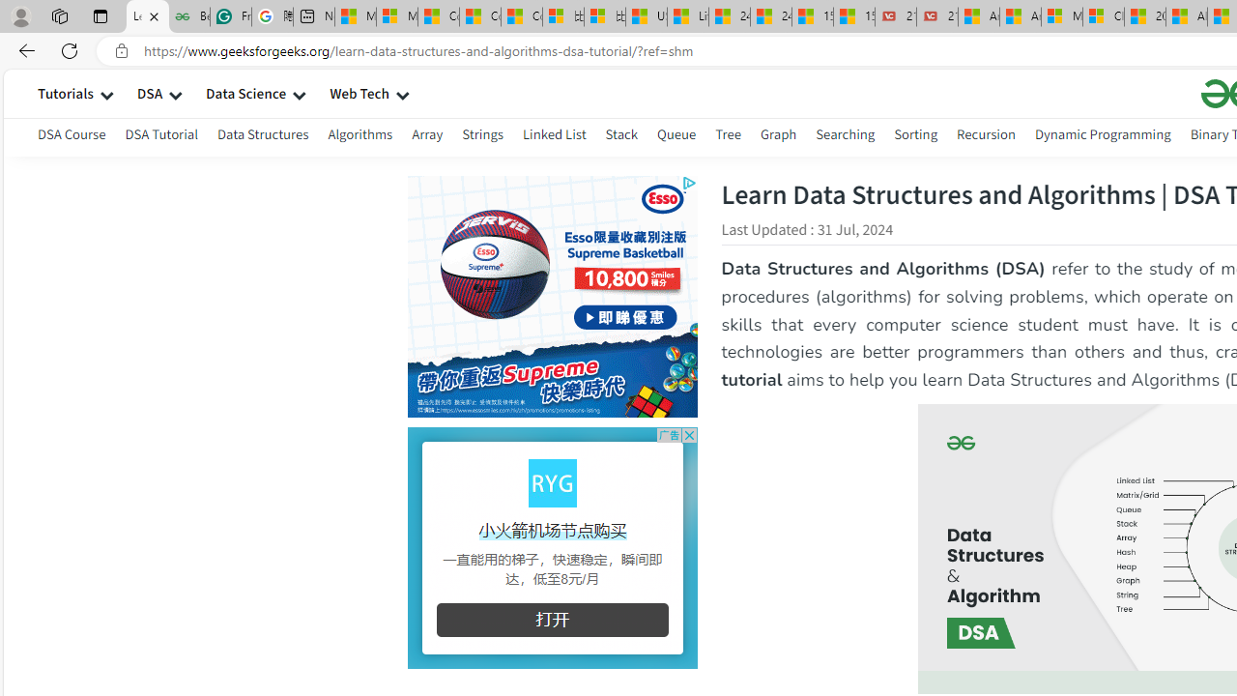 The width and height of the screenshot is (1237, 696). What do you see at coordinates (360, 136) in the screenshot?
I see `'Algorithms'` at bounding box center [360, 136].